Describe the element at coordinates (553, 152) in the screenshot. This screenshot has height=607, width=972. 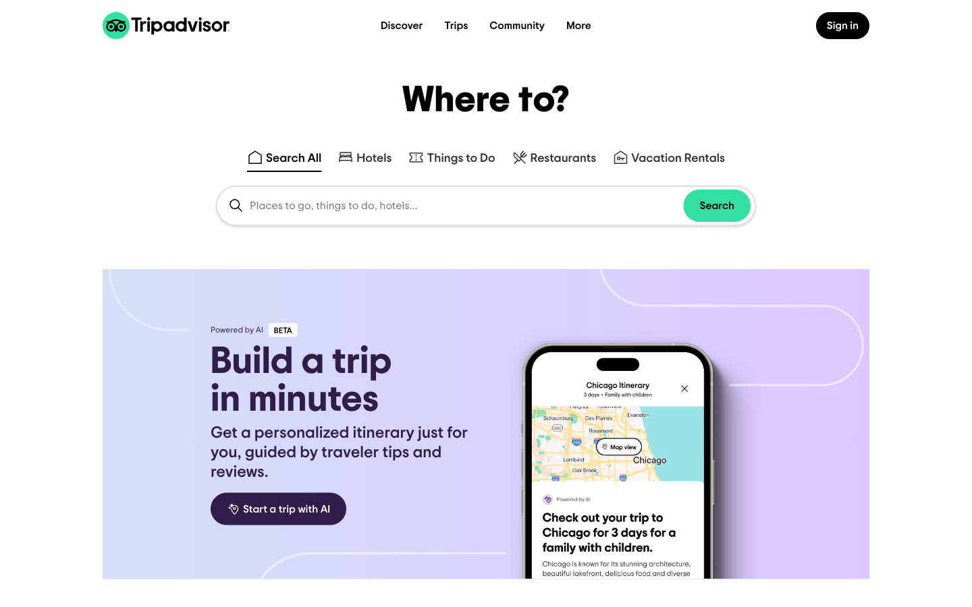
I see `Search for eateries in Pittsburgh` at that location.